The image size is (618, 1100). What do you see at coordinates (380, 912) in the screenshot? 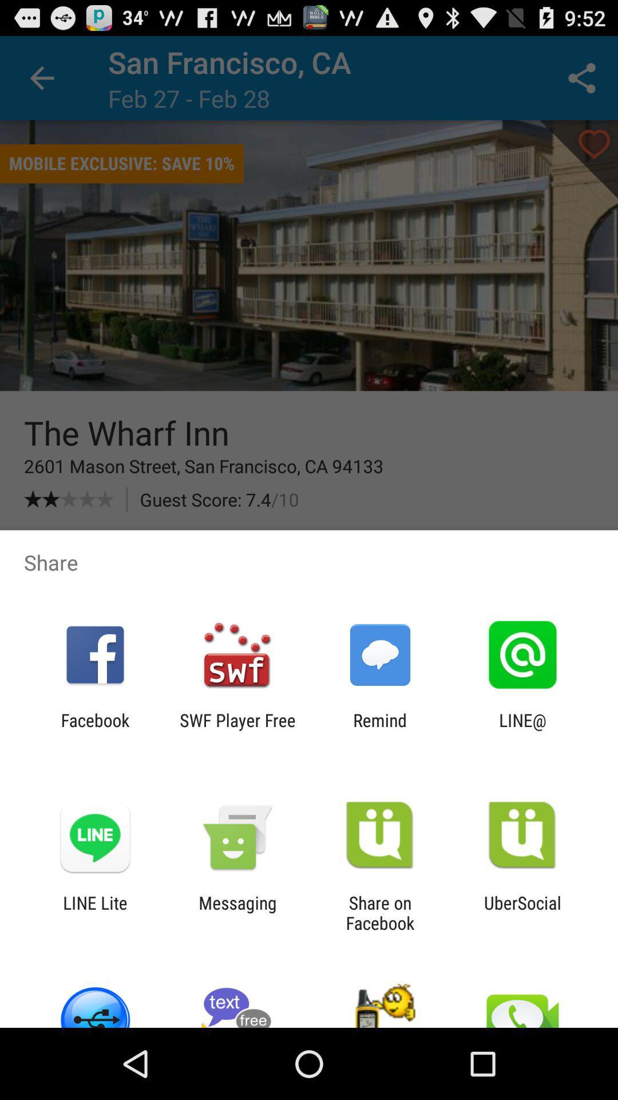
I see `share on facebook item` at bounding box center [380, 912].